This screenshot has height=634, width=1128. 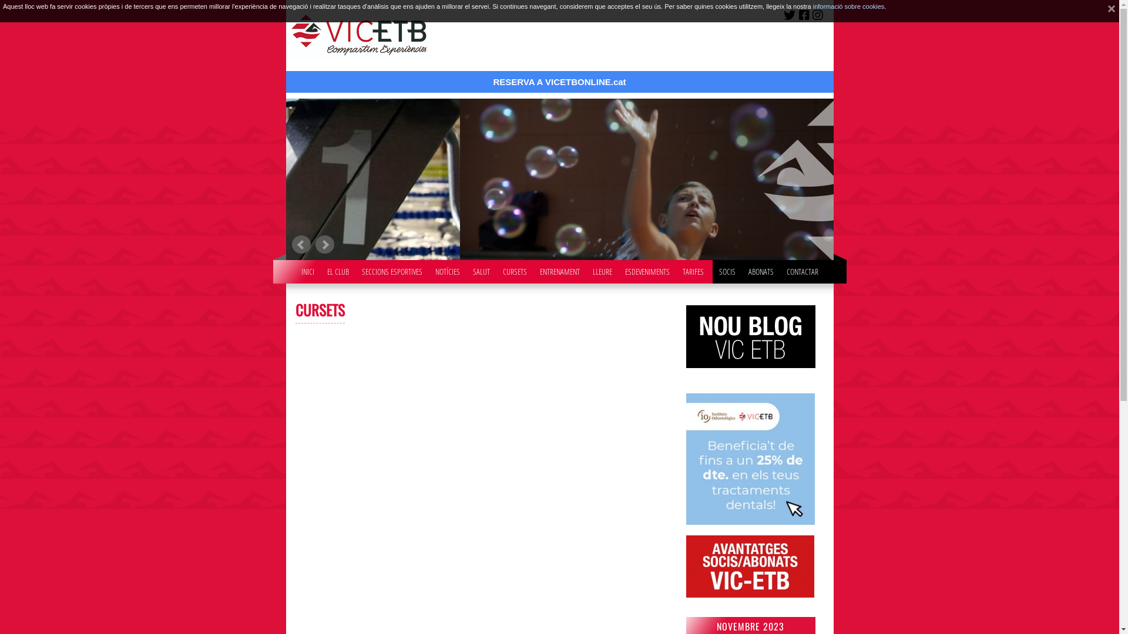 I want to click on 'ENTRENAMENT', so click(x=558, y=269).